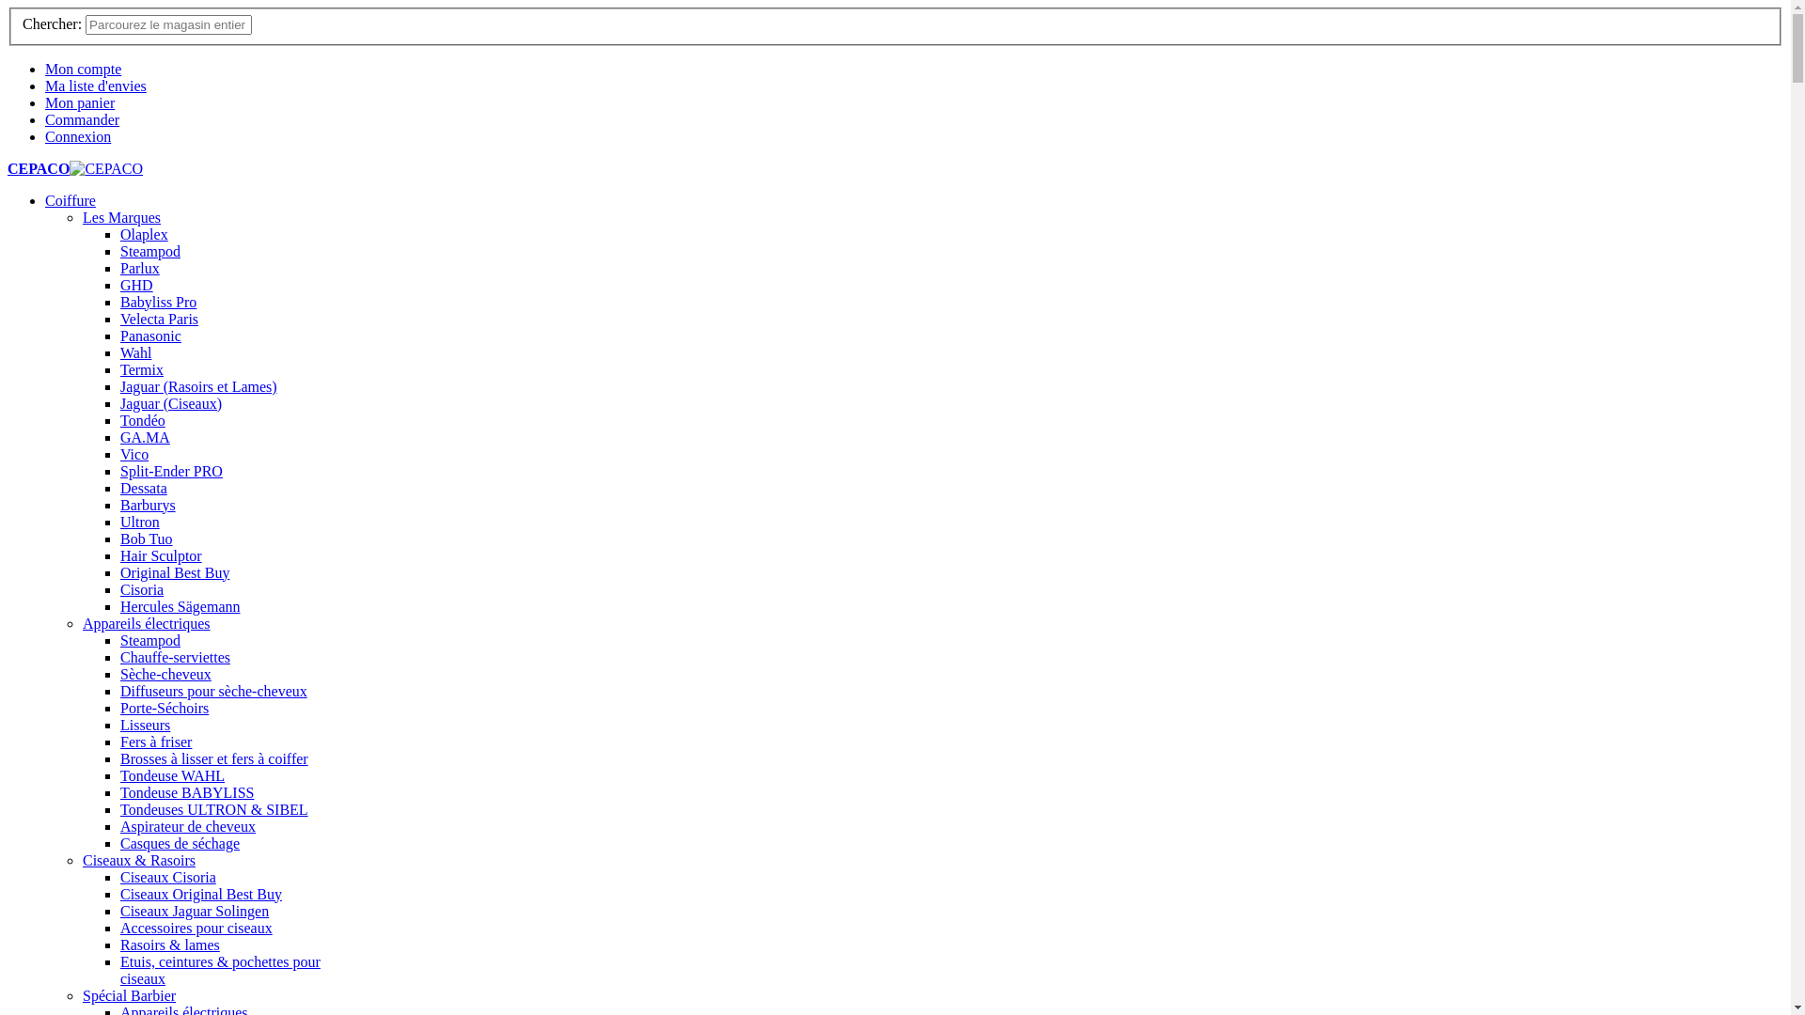 The image size is (1805, 1015). Describe the element at coordinates (146, 539) in the screenshot. I see `'Bob Tuo'` at that location.